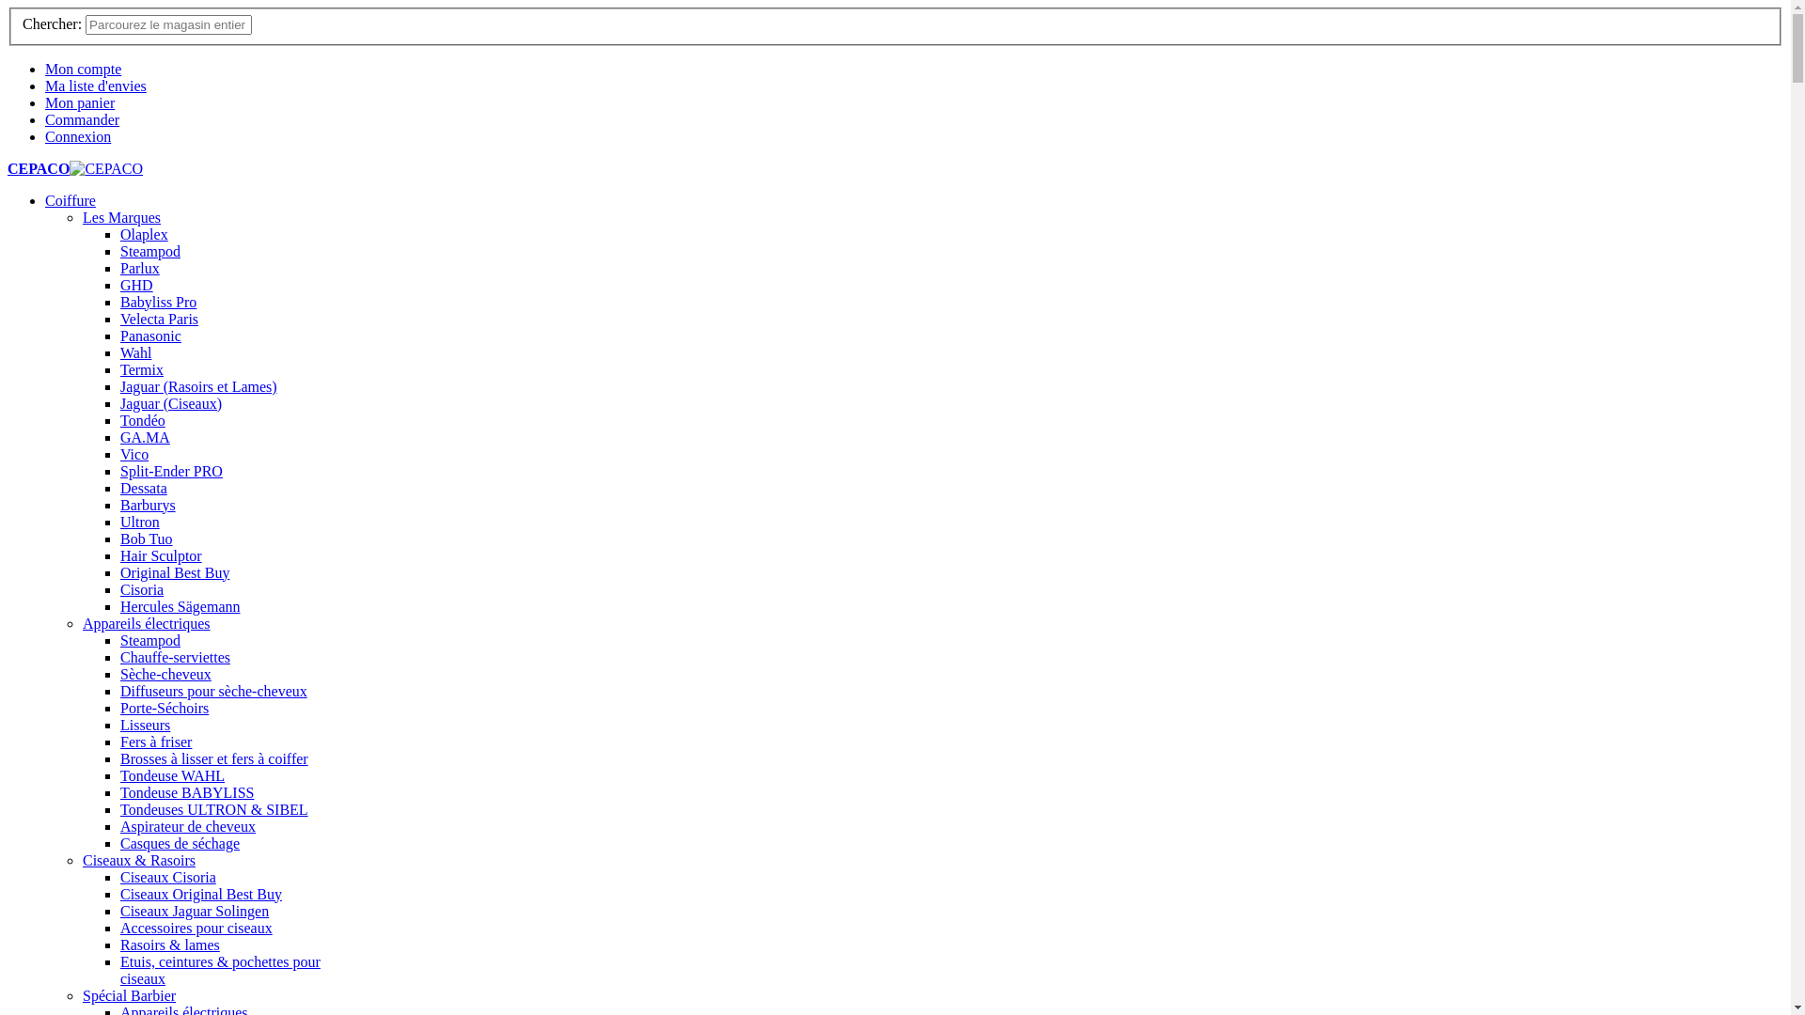 The image size is (1805, 1015). Describe the element at coordinates (146, 539) in the screenshot. I see `'Bob Tuo'` at that location.